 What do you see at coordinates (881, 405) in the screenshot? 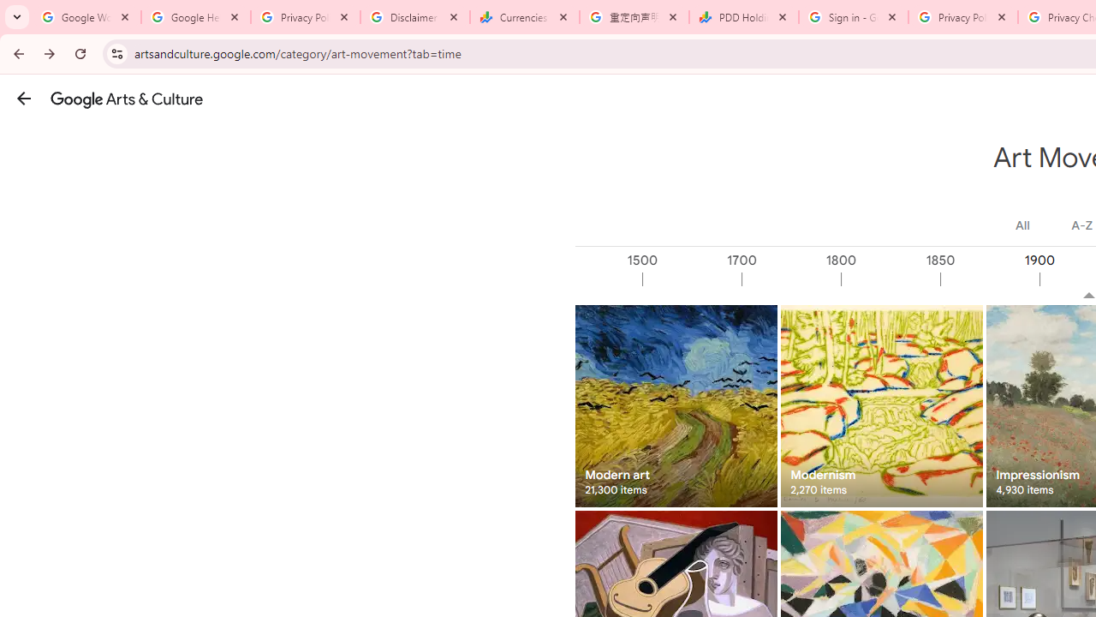
I see `'Modernism 2,270 items'` at bounding box center [881, 405].